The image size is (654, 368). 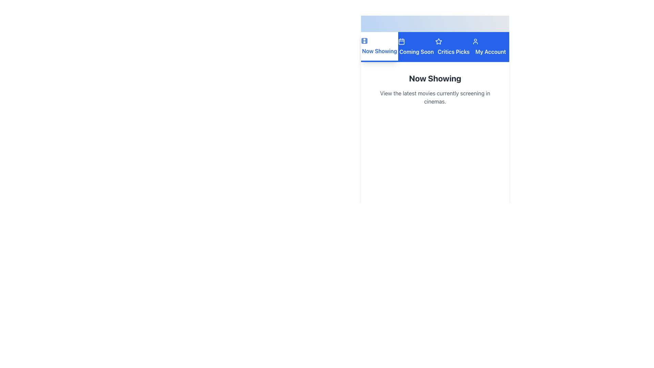 I want to click on the blue rectangular Navigation Button labeled 'Coming Soon' located in the navigation bar, so click(x=416, y=47).